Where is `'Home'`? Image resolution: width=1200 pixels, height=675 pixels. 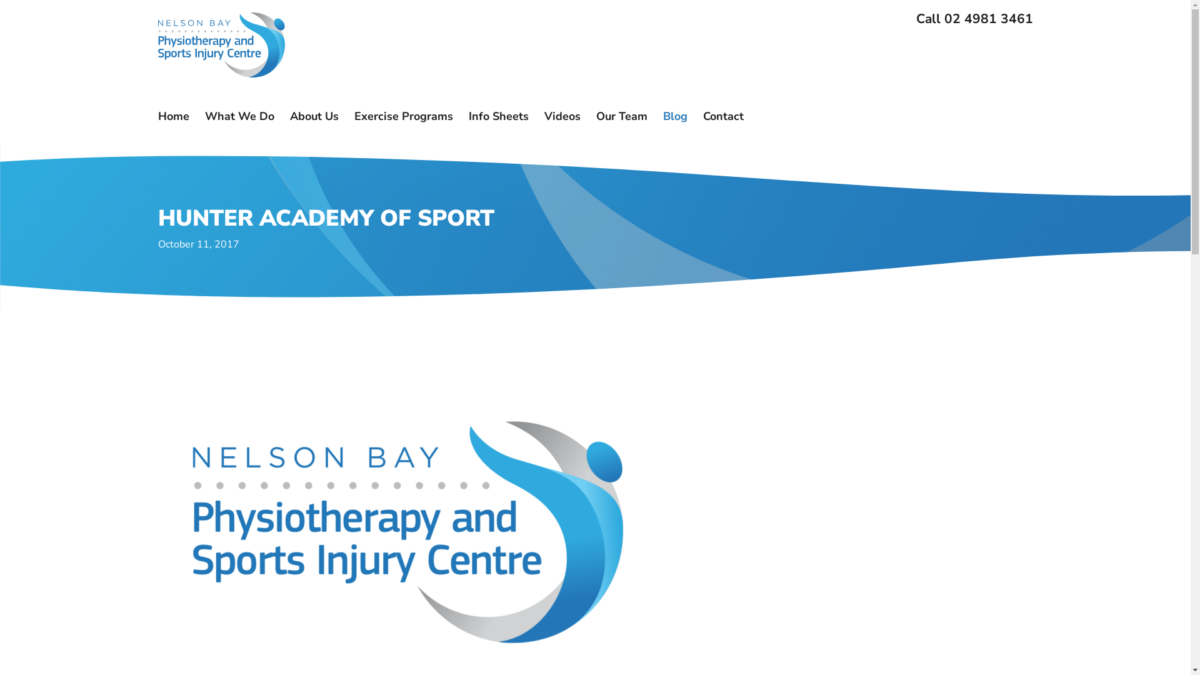 'Home' is located at coordinates (157, 116).